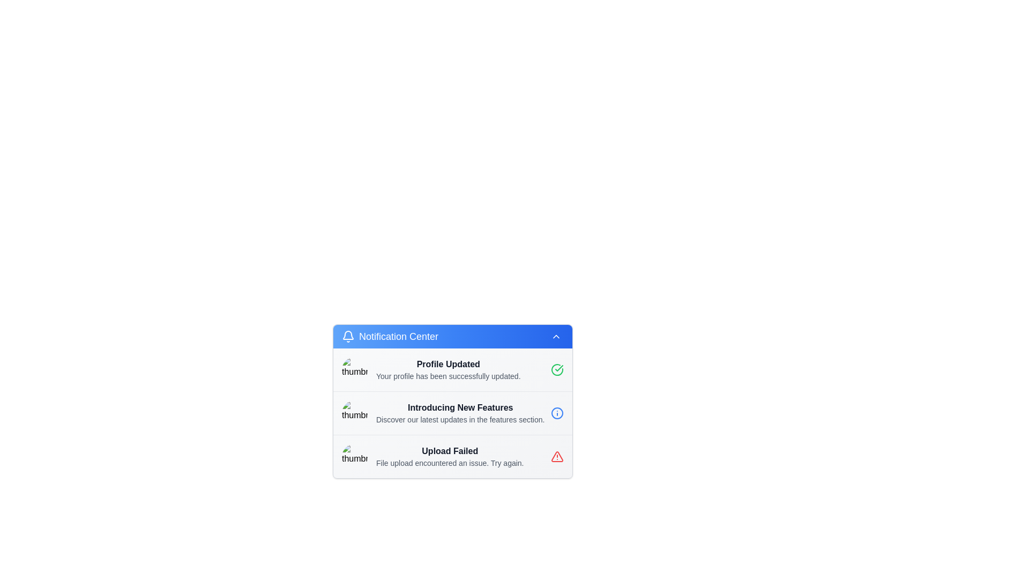 This screenshot has width=1029, height=579. I want to click on text content of the static notification item located in the middle section of the notification center, specifically the second notification in the list, so click(460, 413).